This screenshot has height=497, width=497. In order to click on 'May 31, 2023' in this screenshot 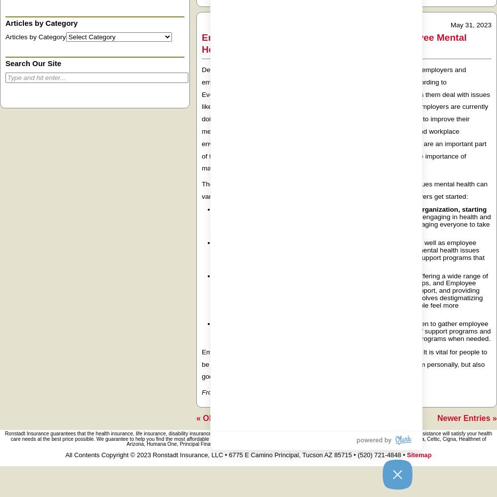, I will do `click(470, 24)`.